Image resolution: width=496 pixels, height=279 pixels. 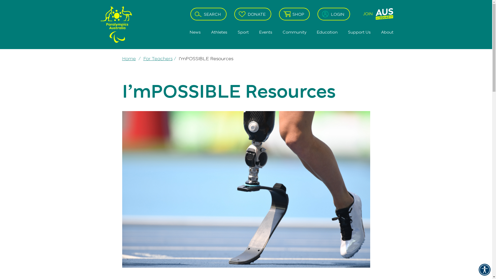 What do you see at coordinates (243, 32) in the screenshot?
I see `'Sport'` at bounding box center [243, 32].